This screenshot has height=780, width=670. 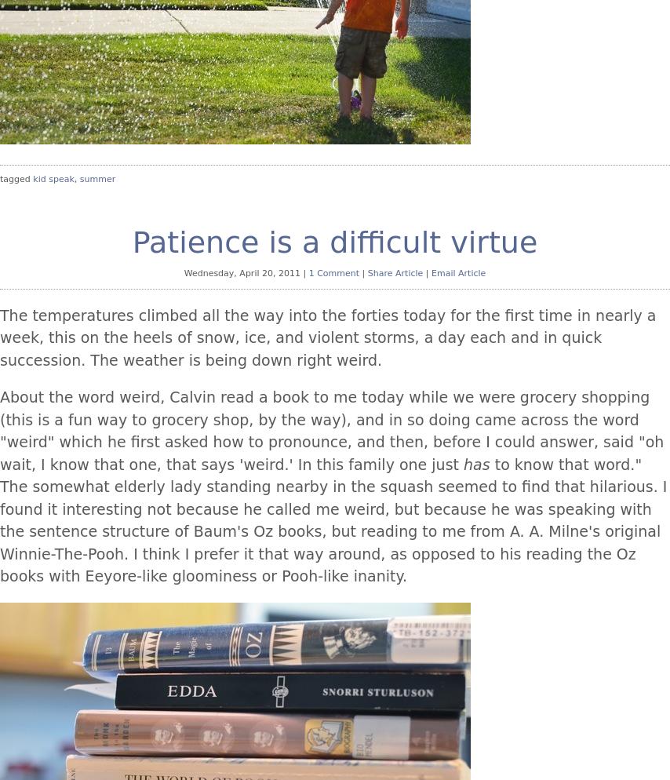 What do you see at coordinates (76, 179) in the screenshot?
I see `','` at bounding box center [76, 179].